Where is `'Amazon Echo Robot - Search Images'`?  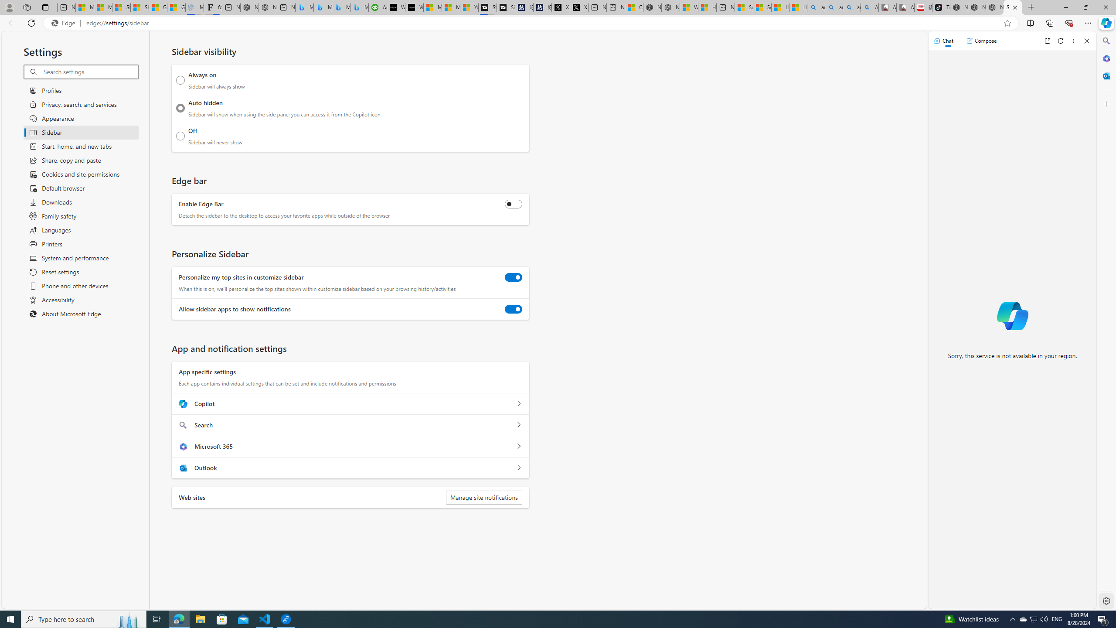 'Amazon Echo Robot - Search Images' is located at coordinates (869, 7).